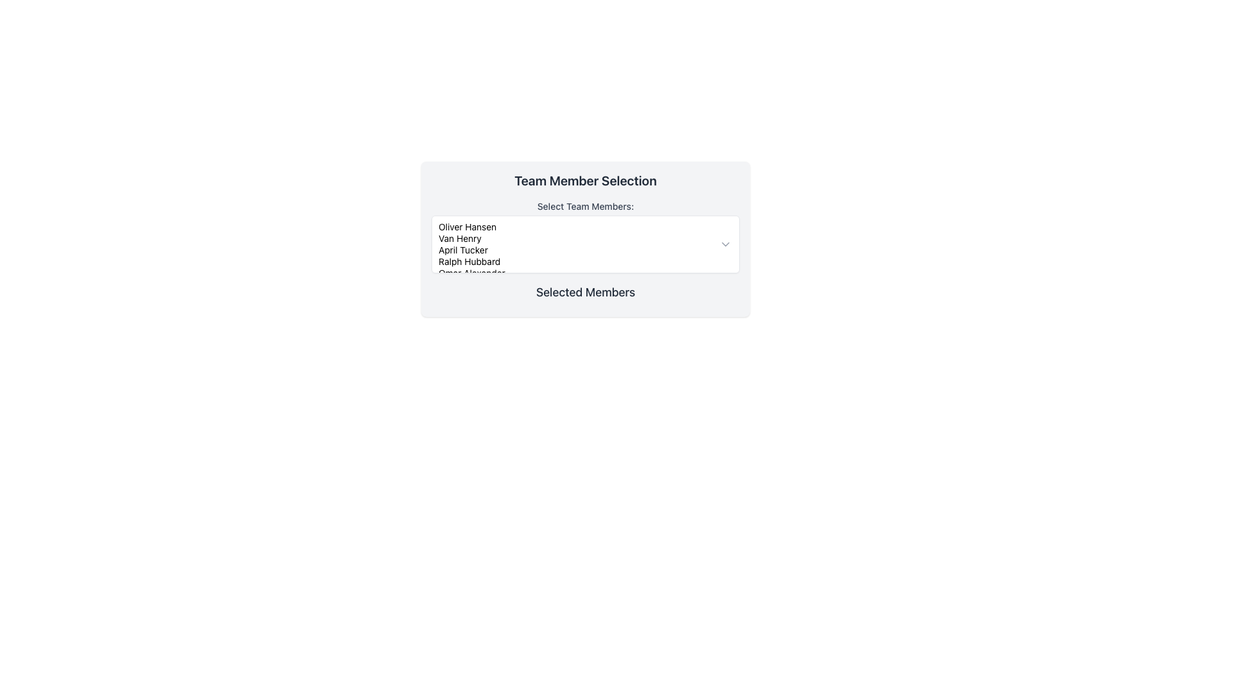 Image resolution: width=1233 pixels, height=693 pixels. What do you see at coordinates (575, 238) in the screenshot?
I see `the dropdown menu item labeled 'Van Henry'` at bounding box center [575, 238].